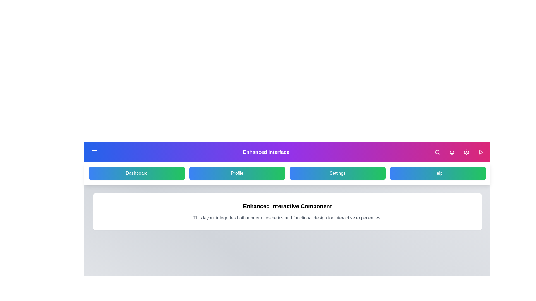 This screenshot has width=536, height=301. What do you see at coordinates (266, 152) in the screenshot?
I see `the header text 'Enhanced Interface' to select it` at bounding box center [266, 152].